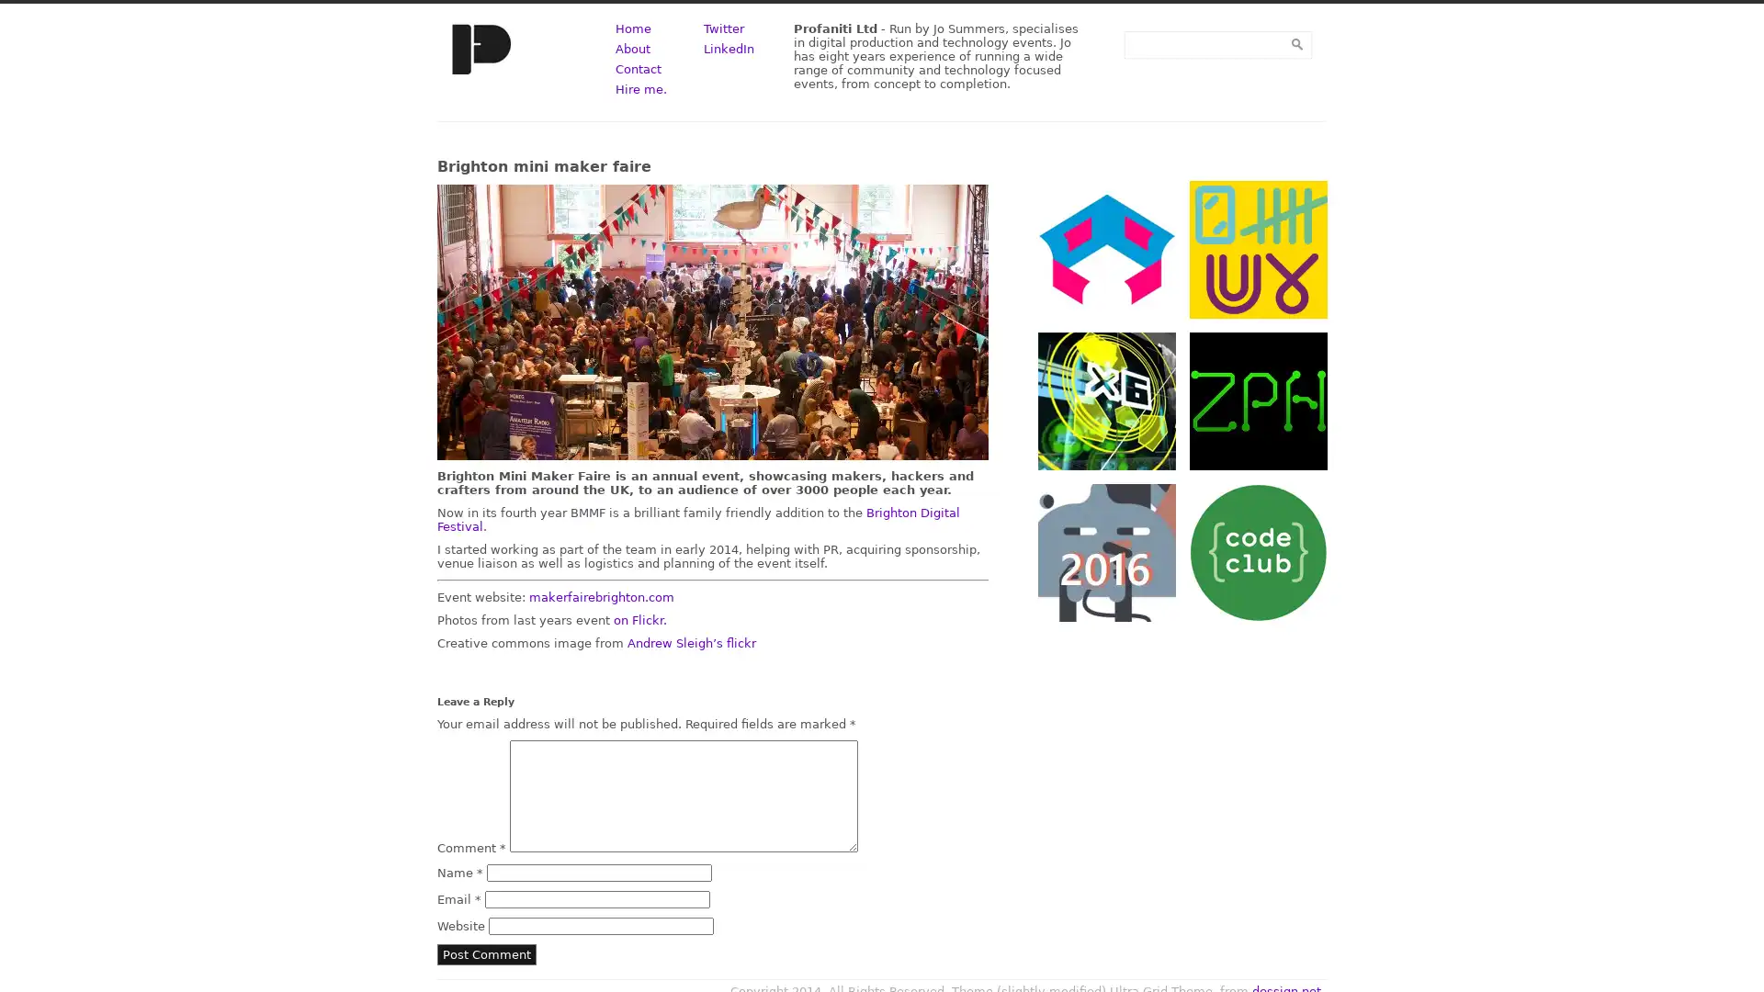  What do you see at coordinates (486, 953) in the screenshot?
I see `Post Comment` at bounding box center [486, 953].